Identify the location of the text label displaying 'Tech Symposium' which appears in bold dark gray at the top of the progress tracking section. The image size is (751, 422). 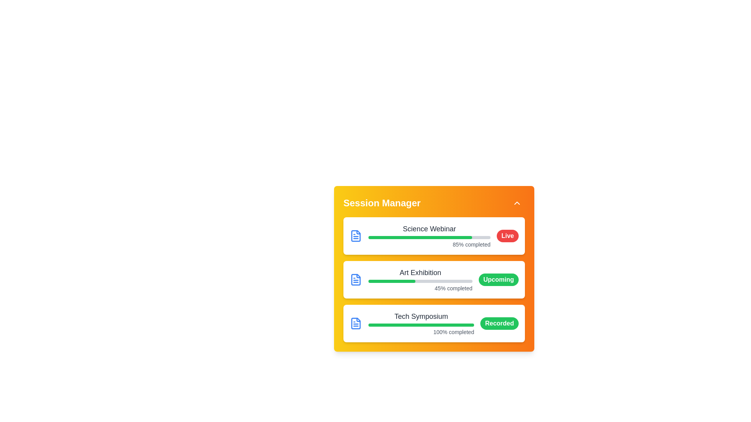
(421, 316).